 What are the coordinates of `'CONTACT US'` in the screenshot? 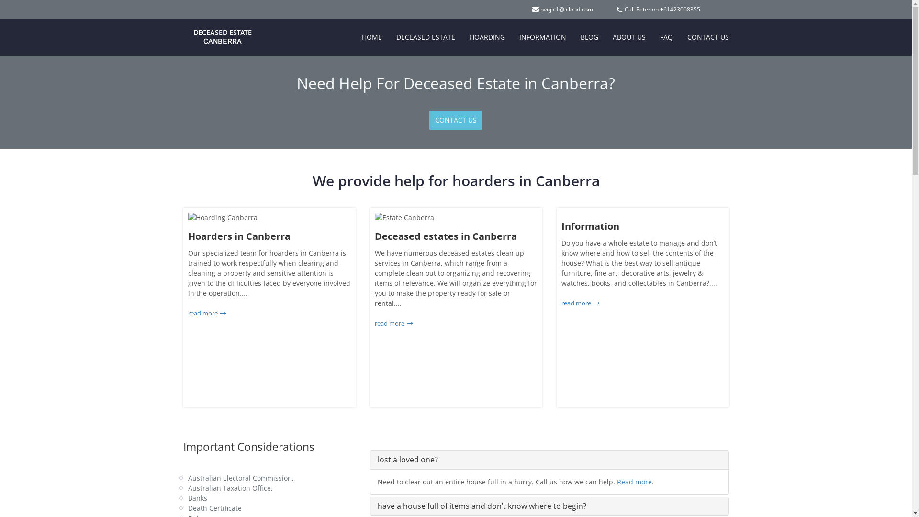 It's located at (455, 119).